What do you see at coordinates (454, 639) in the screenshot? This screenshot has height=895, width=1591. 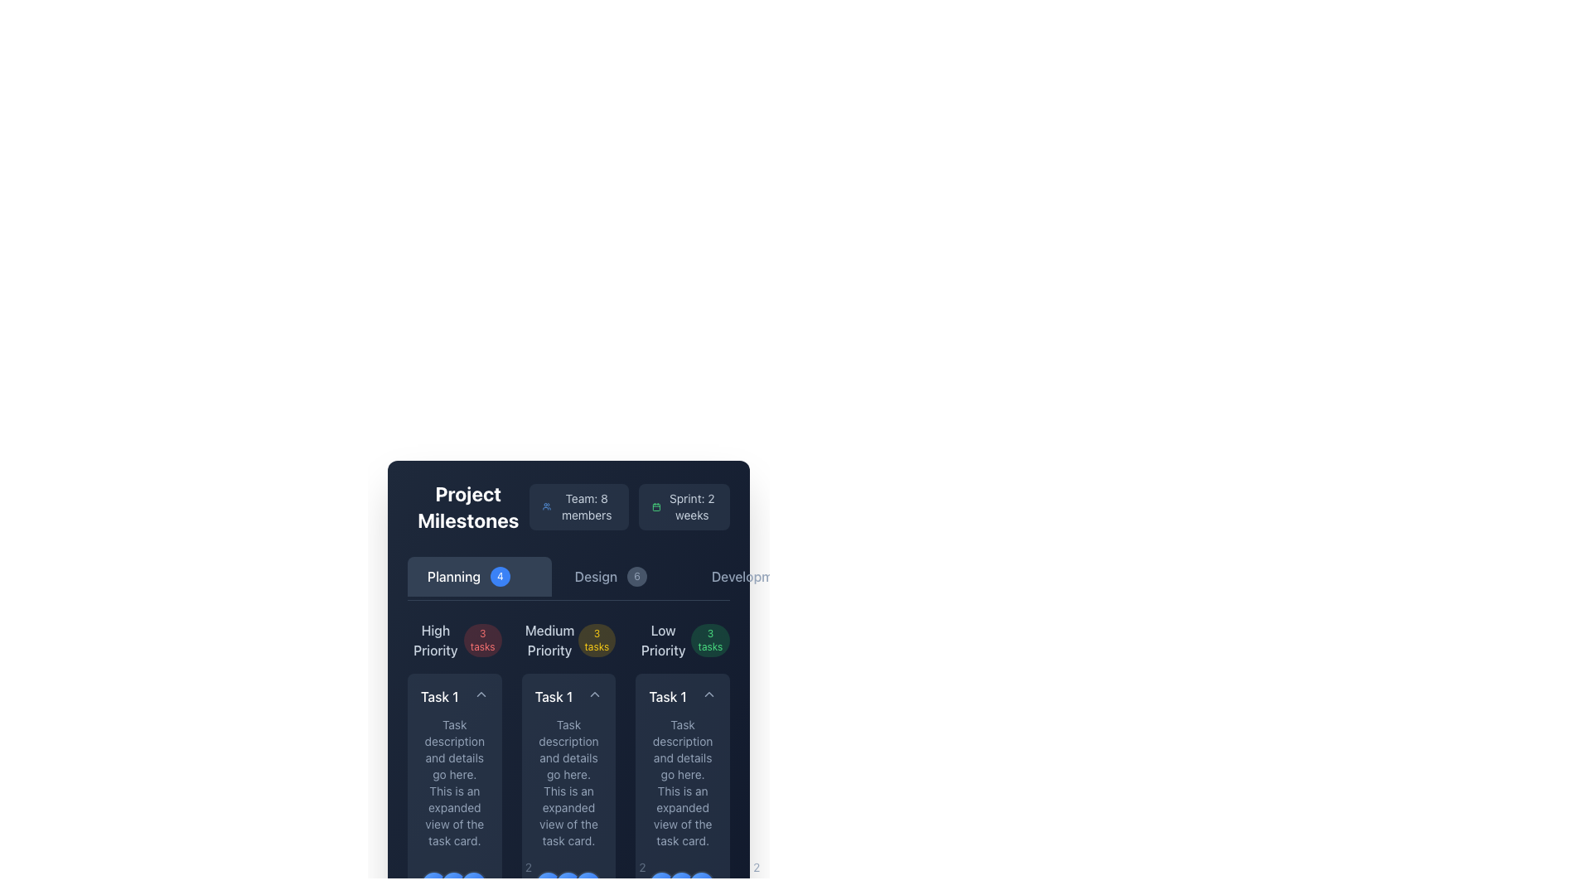 I see `the text label with a badge indicating 'High Priority' tasks and showing '3 tasks' located beneath the 'Project Milestones' header` at bounding box center [454, 639].